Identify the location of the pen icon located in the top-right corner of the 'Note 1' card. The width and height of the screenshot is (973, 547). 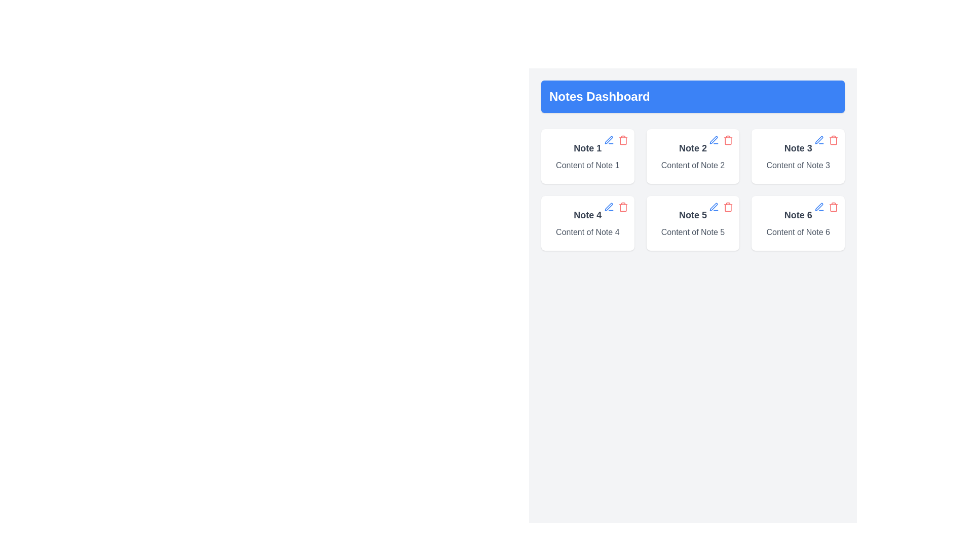
(713, 206).